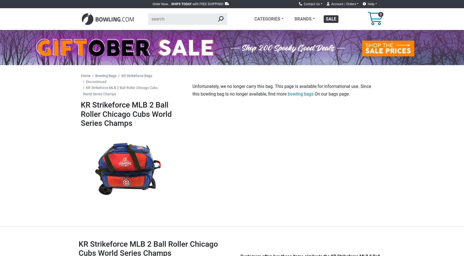 The height and width of the screenshot is (256, 464). What do you see at coordinates (303, 19) in the screenshot?
I see `'BRANDS'` at bounding box center [303, 19].